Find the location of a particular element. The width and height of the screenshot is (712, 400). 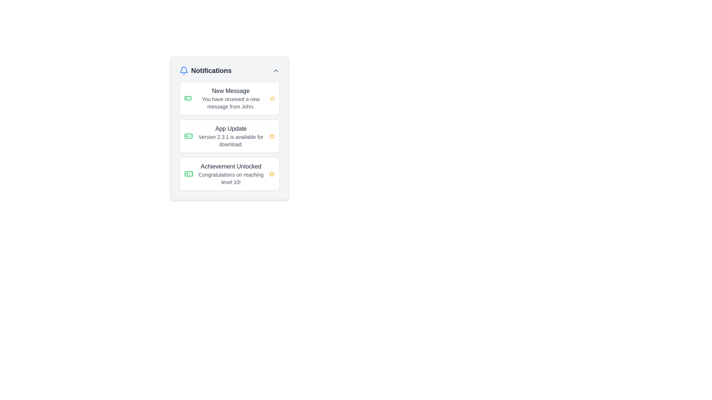

the text label displaying 'Congratulations on reaching level 10!', which is styled in a smaller font size and subdued gray color, located below the 'Achievement Unlocked' heading in the notification card is located at coordinates (231, 179).